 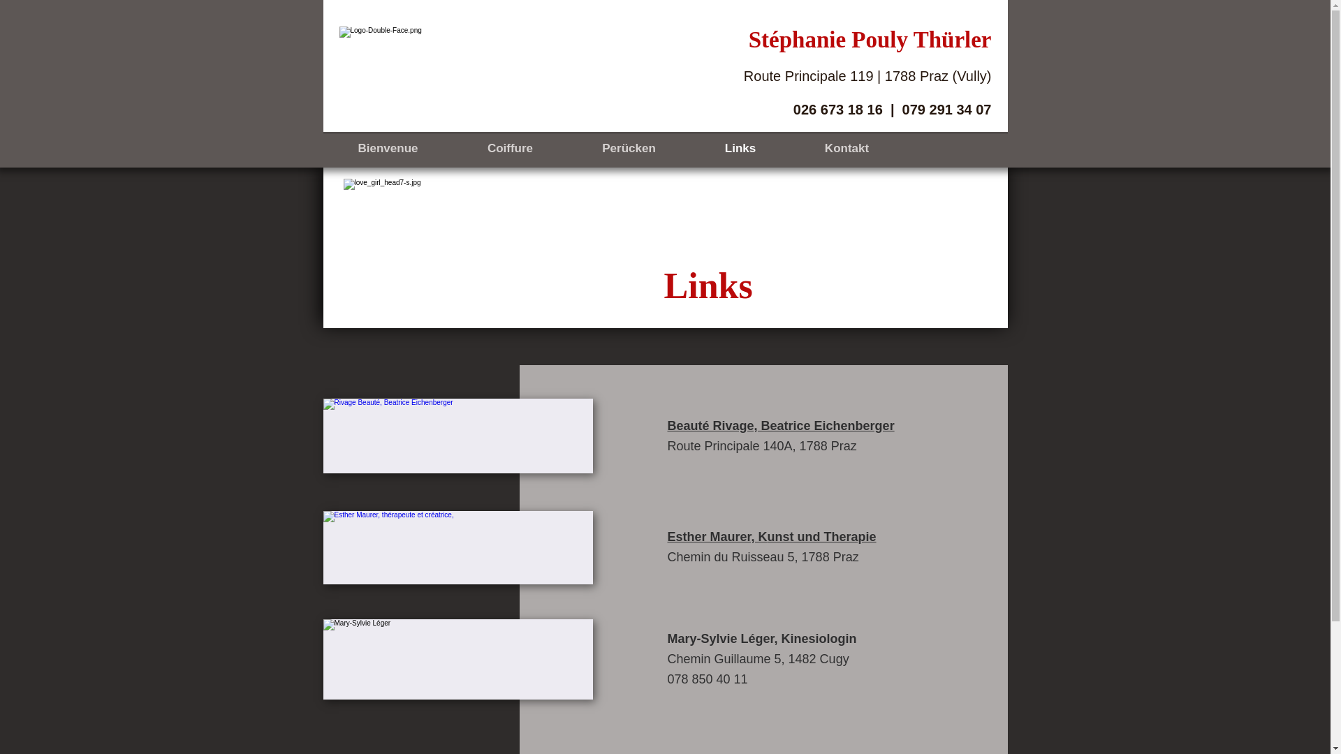 What do you see at coordinates (321, 148) in the screenshot?
I see `'Bienvenue'` at bounding box center [321, 148].